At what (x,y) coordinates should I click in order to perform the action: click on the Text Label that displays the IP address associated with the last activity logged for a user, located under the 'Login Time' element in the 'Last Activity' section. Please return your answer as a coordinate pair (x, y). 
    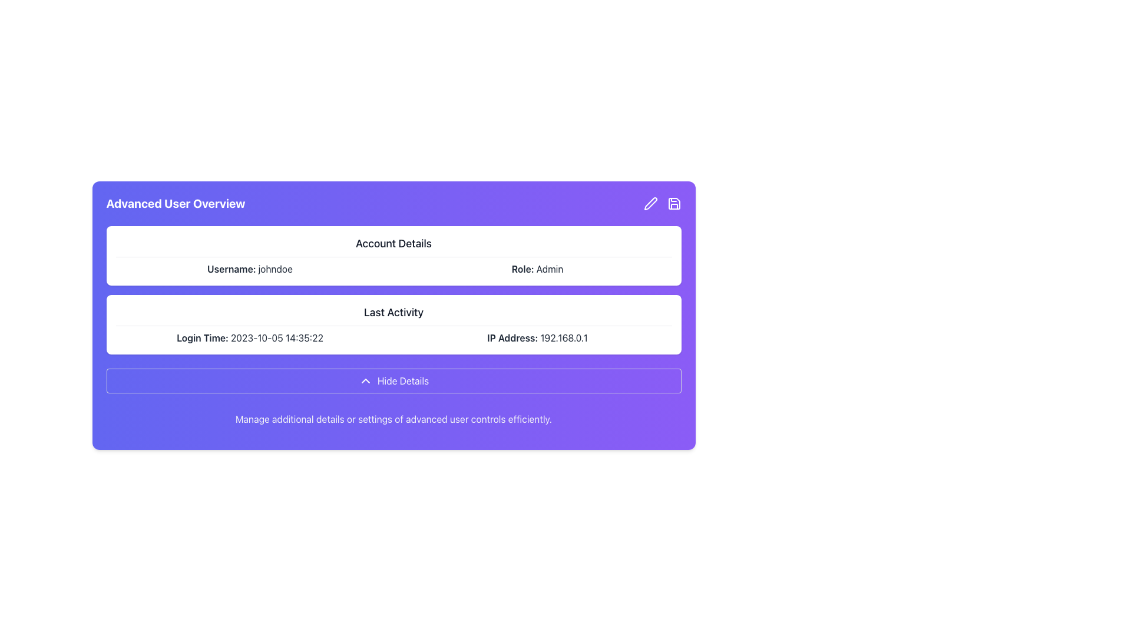
    Looking at the image, I should click on (537, 338).